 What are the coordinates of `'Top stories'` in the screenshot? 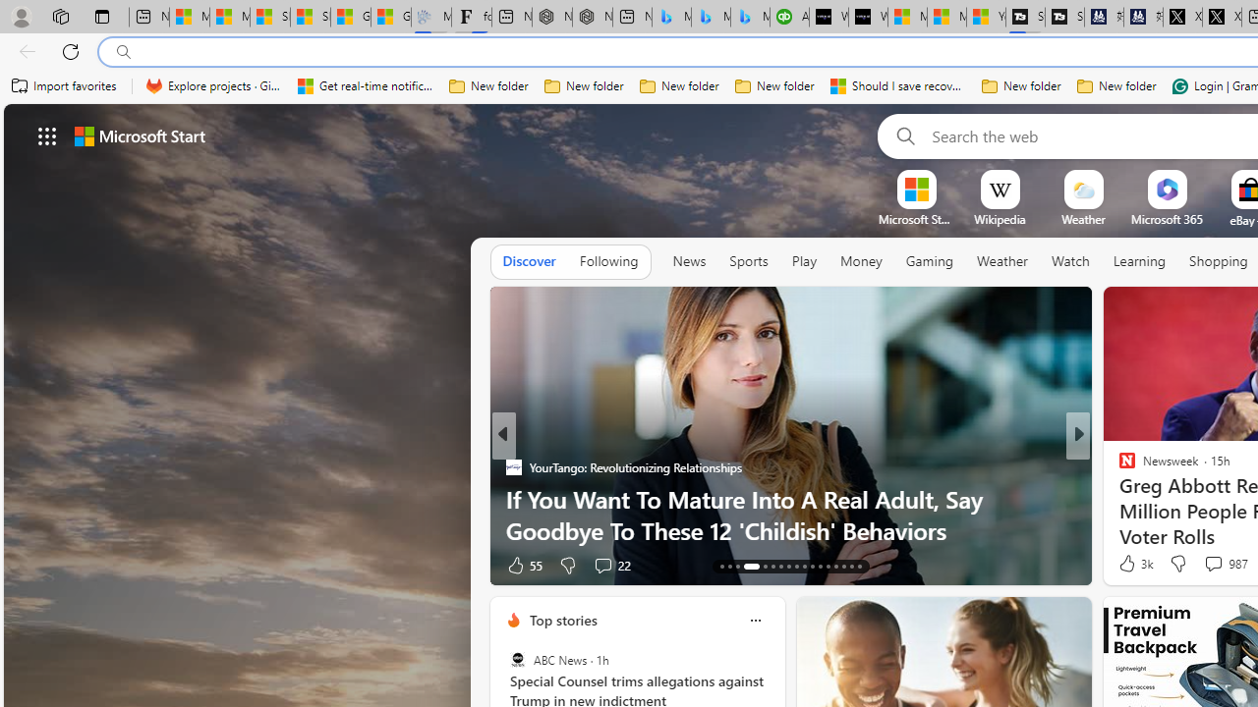 It's located at (561, 620).